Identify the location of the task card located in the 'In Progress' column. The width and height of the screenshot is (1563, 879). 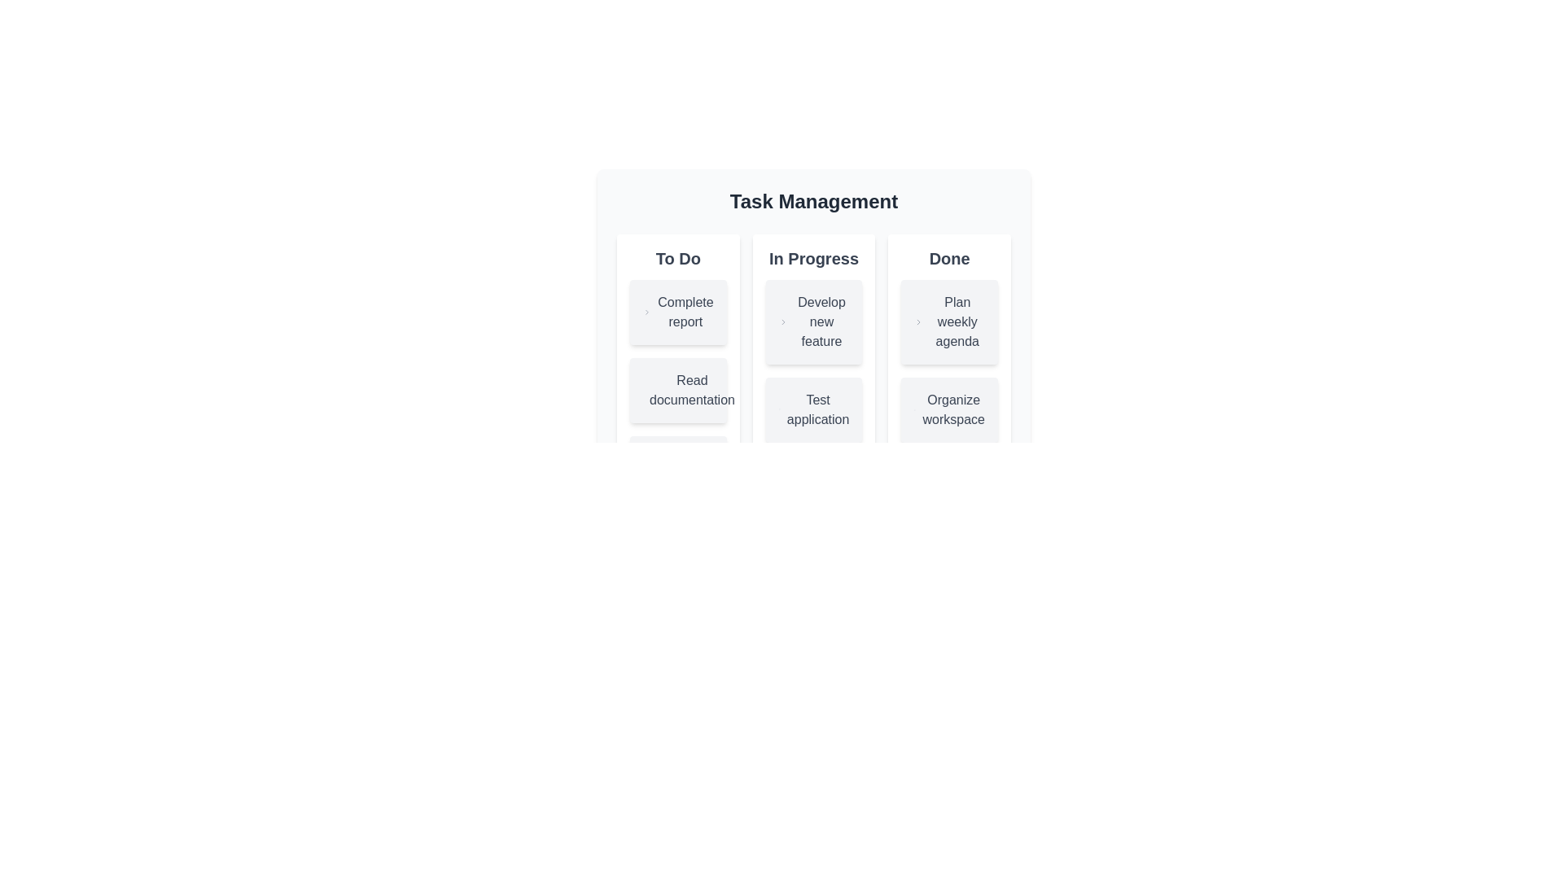
(813, 360).